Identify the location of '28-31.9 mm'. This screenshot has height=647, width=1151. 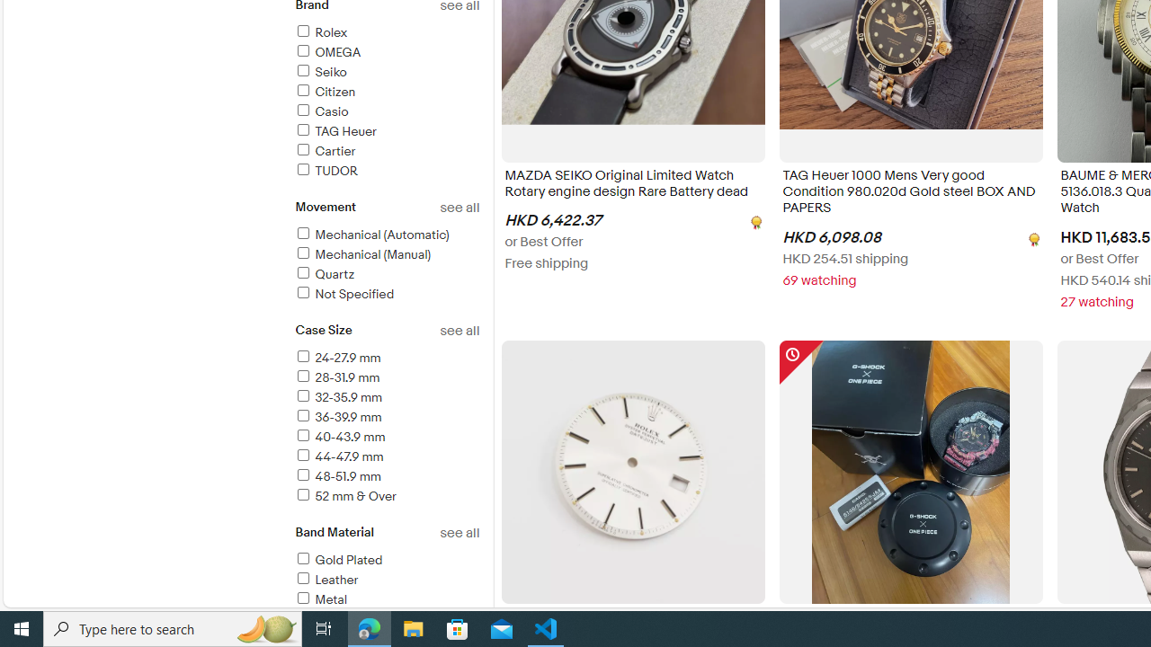
(386, 377).